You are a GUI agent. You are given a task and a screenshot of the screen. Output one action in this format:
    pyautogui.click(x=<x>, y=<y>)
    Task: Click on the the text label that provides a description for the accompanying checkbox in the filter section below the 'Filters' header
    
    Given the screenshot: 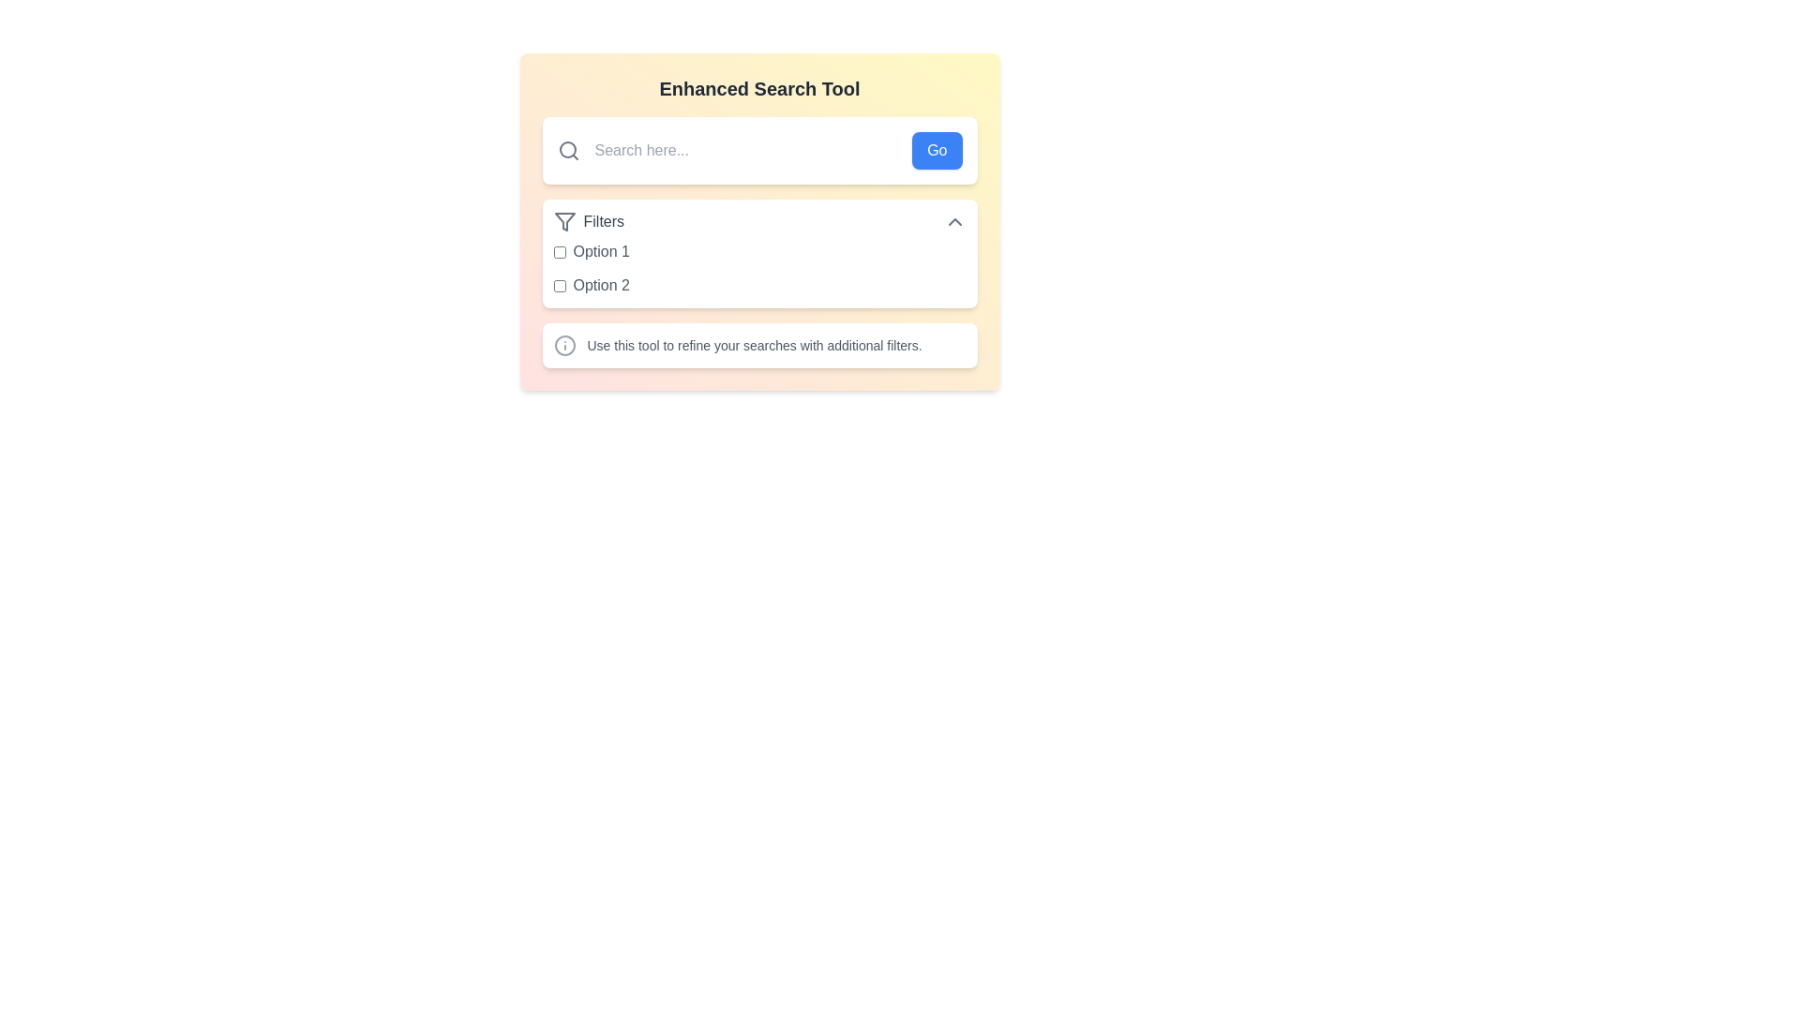 What is the action you would take?
    pyautogui.click(x=601, y=285)
    